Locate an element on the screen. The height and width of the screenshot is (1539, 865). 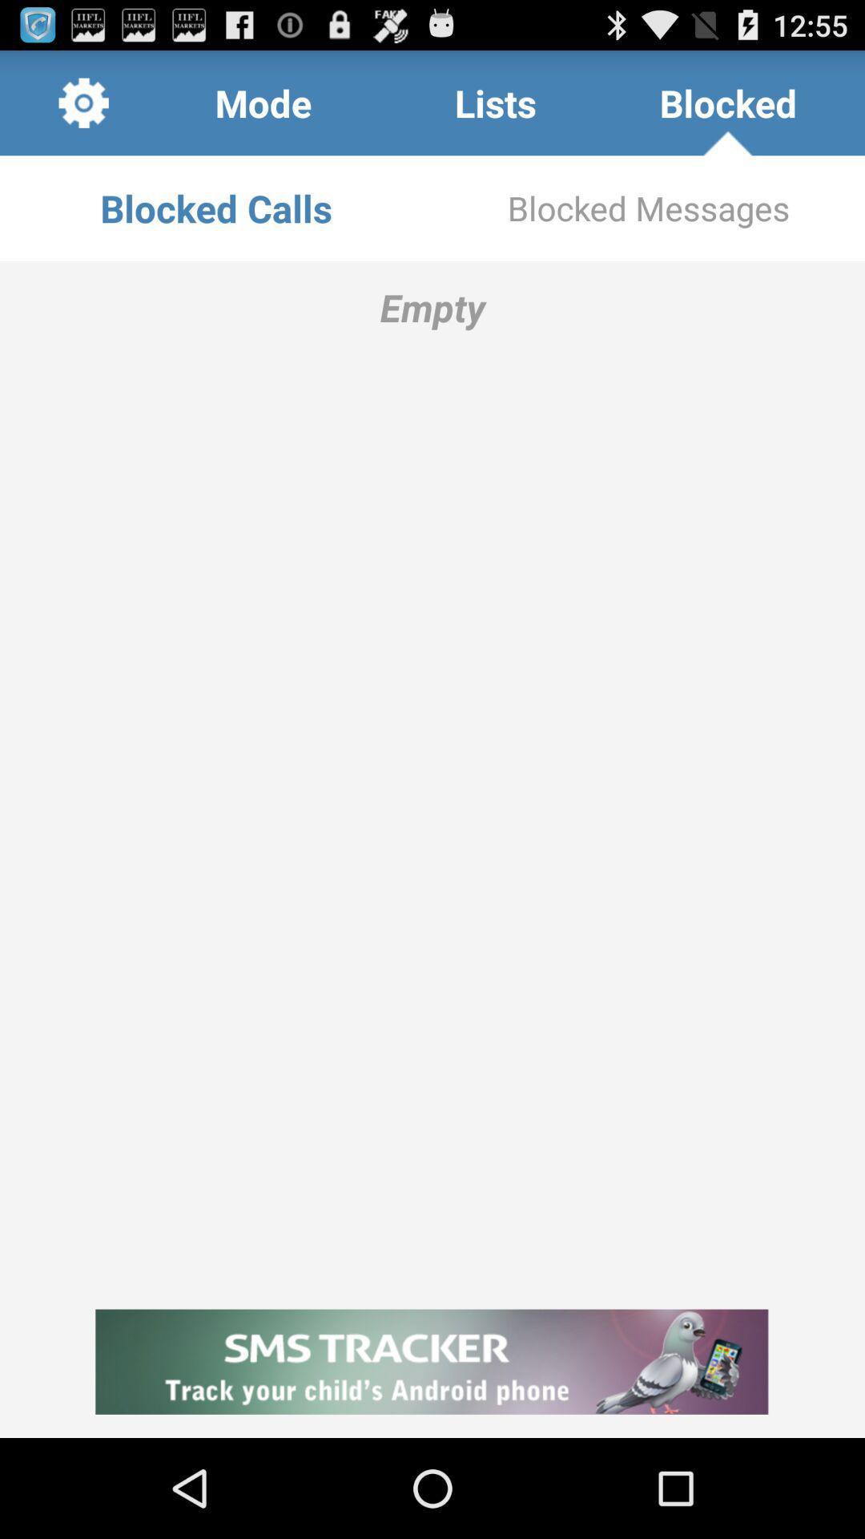
the icon above blocked calls icon is located at coordinates (262, 102).